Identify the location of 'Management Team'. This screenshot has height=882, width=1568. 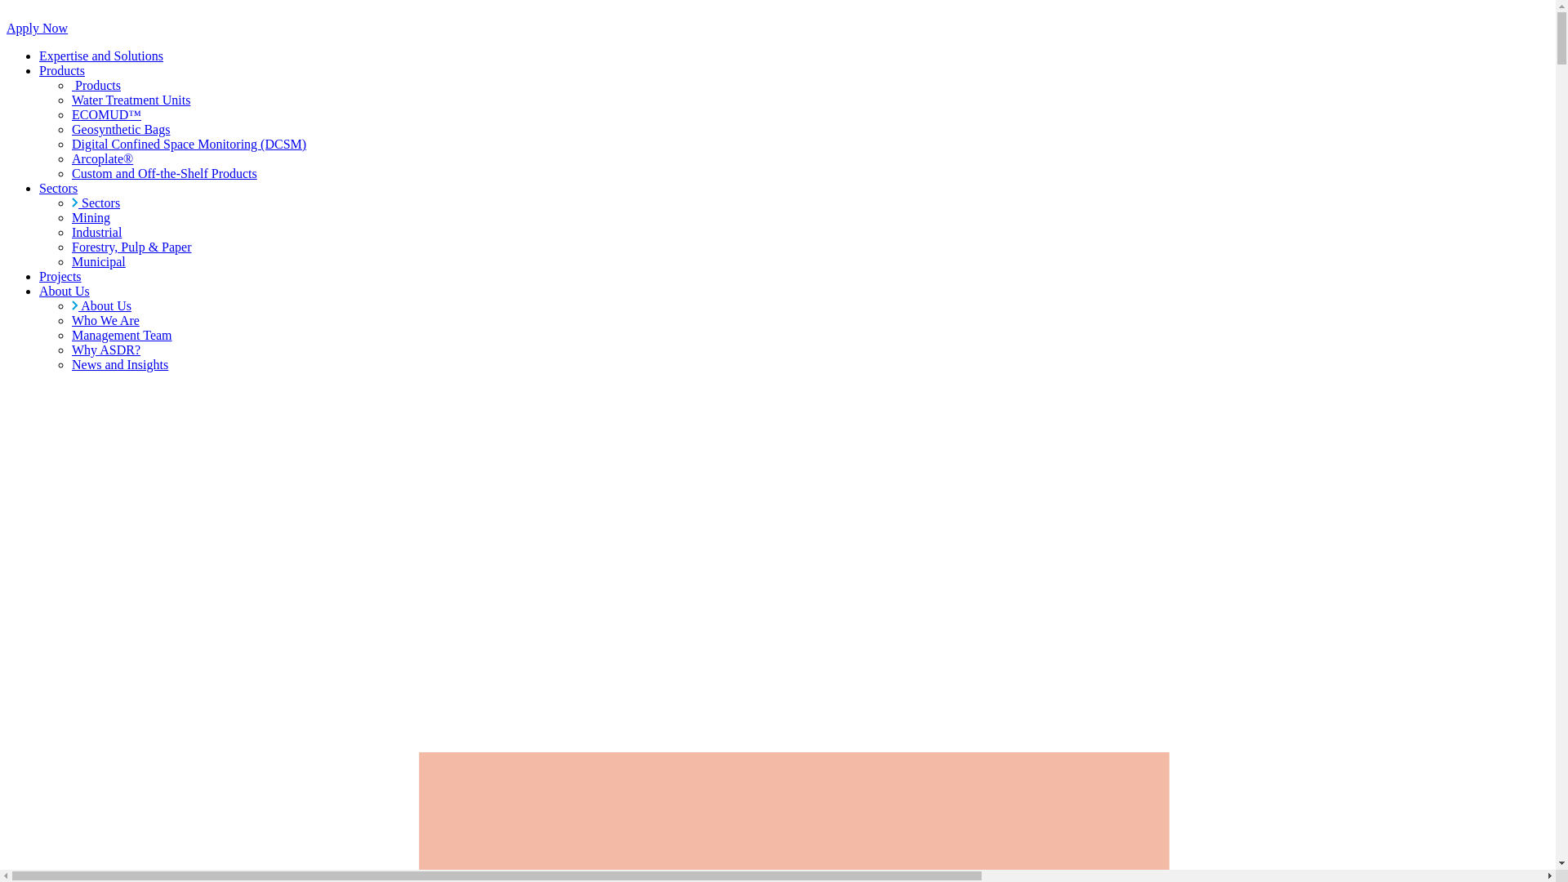
(121, 334).